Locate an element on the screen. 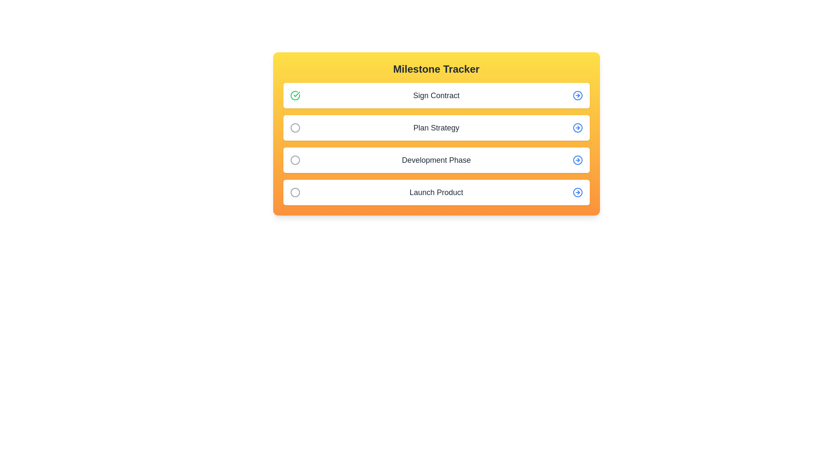 The image size is (817, 459). the circular status indicator for the 'Plan Strategy' milestone in the second row of the milestone tracker interface is located at coordinates (295, 127).